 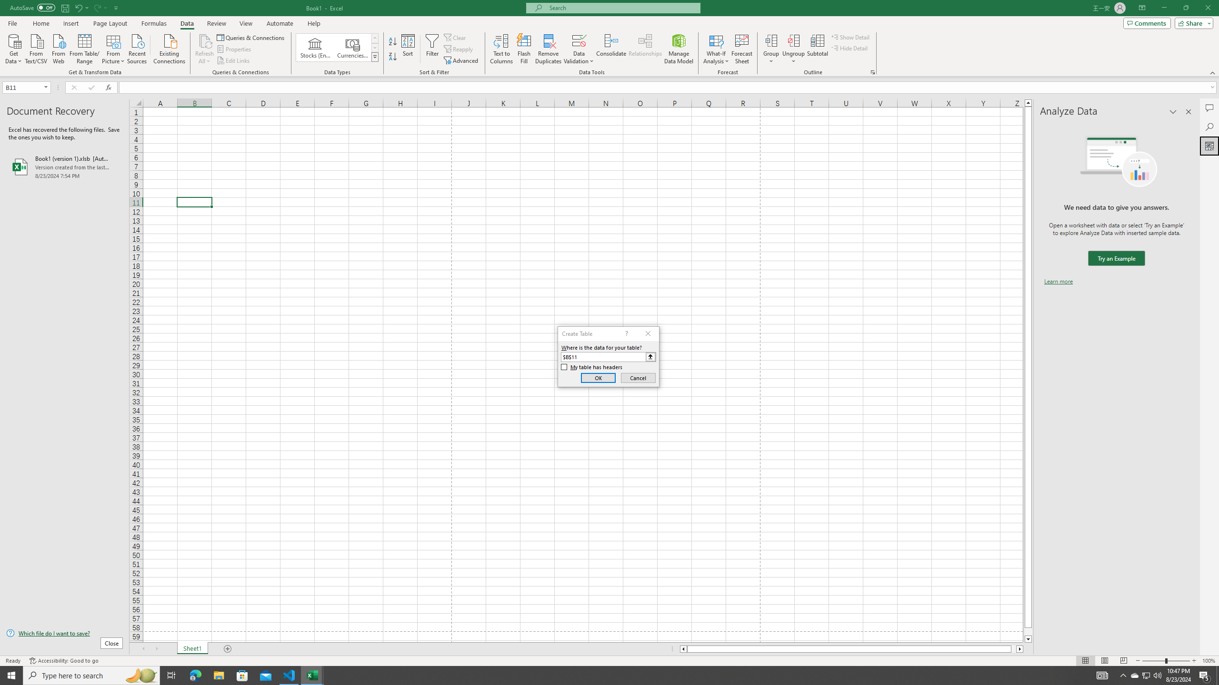 I want to click on 'File Tab', so click(x=12, y=22).